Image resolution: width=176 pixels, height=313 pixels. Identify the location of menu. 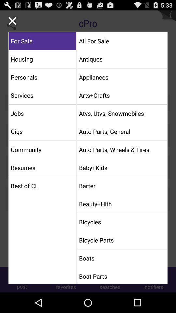
(12, 21).